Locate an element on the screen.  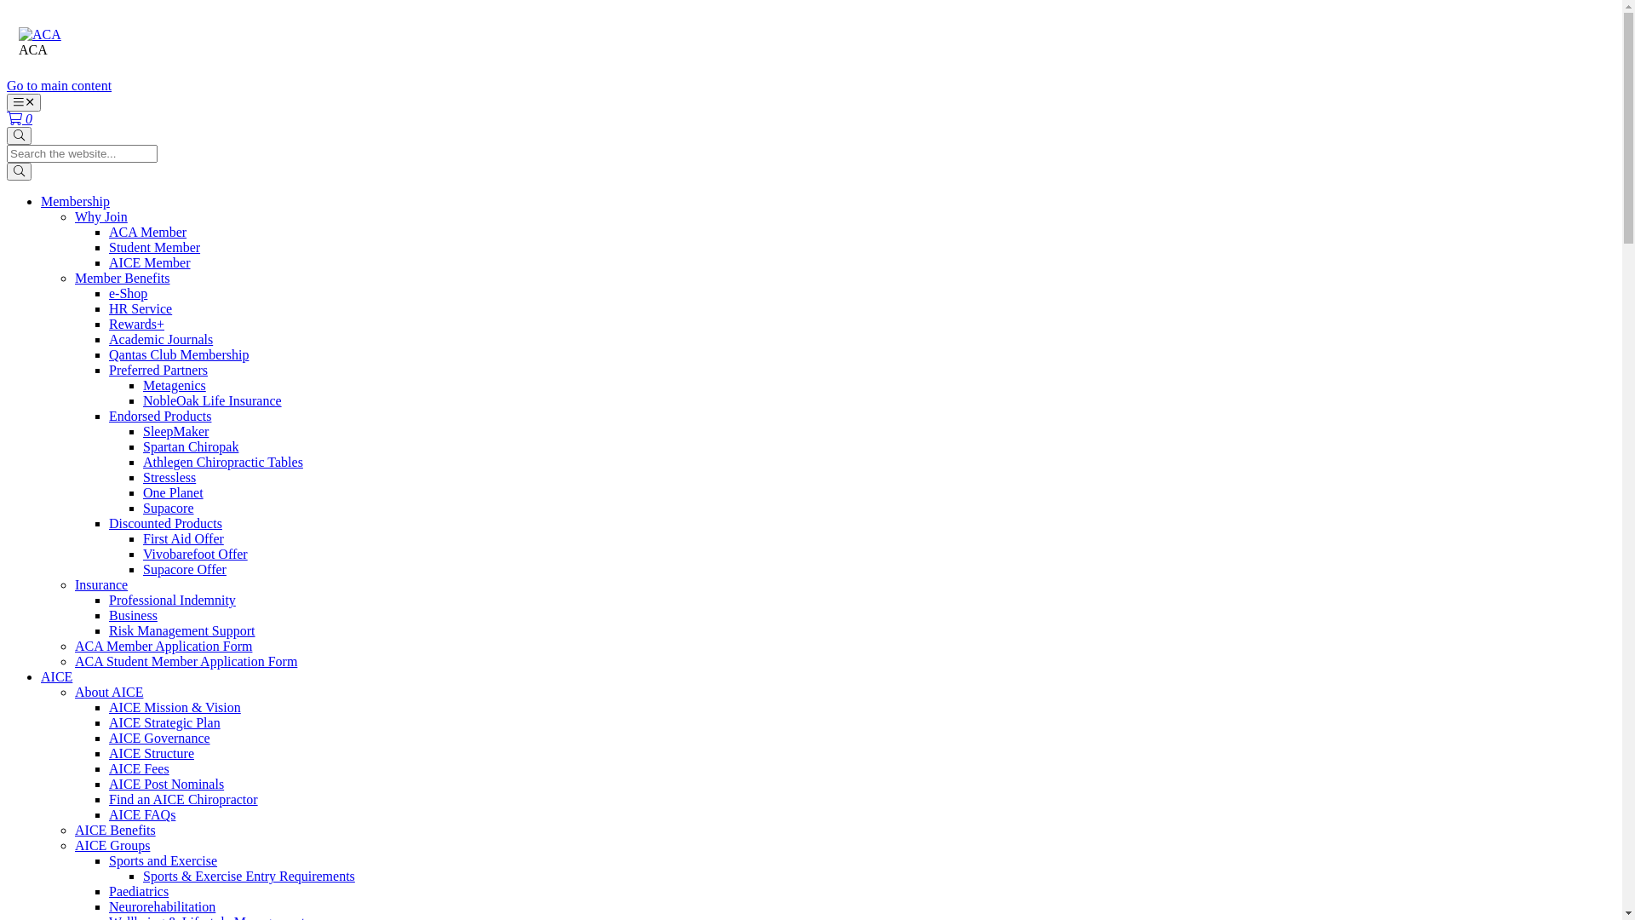
'Spartan Chiropak' is located at coordinates (143, 446).